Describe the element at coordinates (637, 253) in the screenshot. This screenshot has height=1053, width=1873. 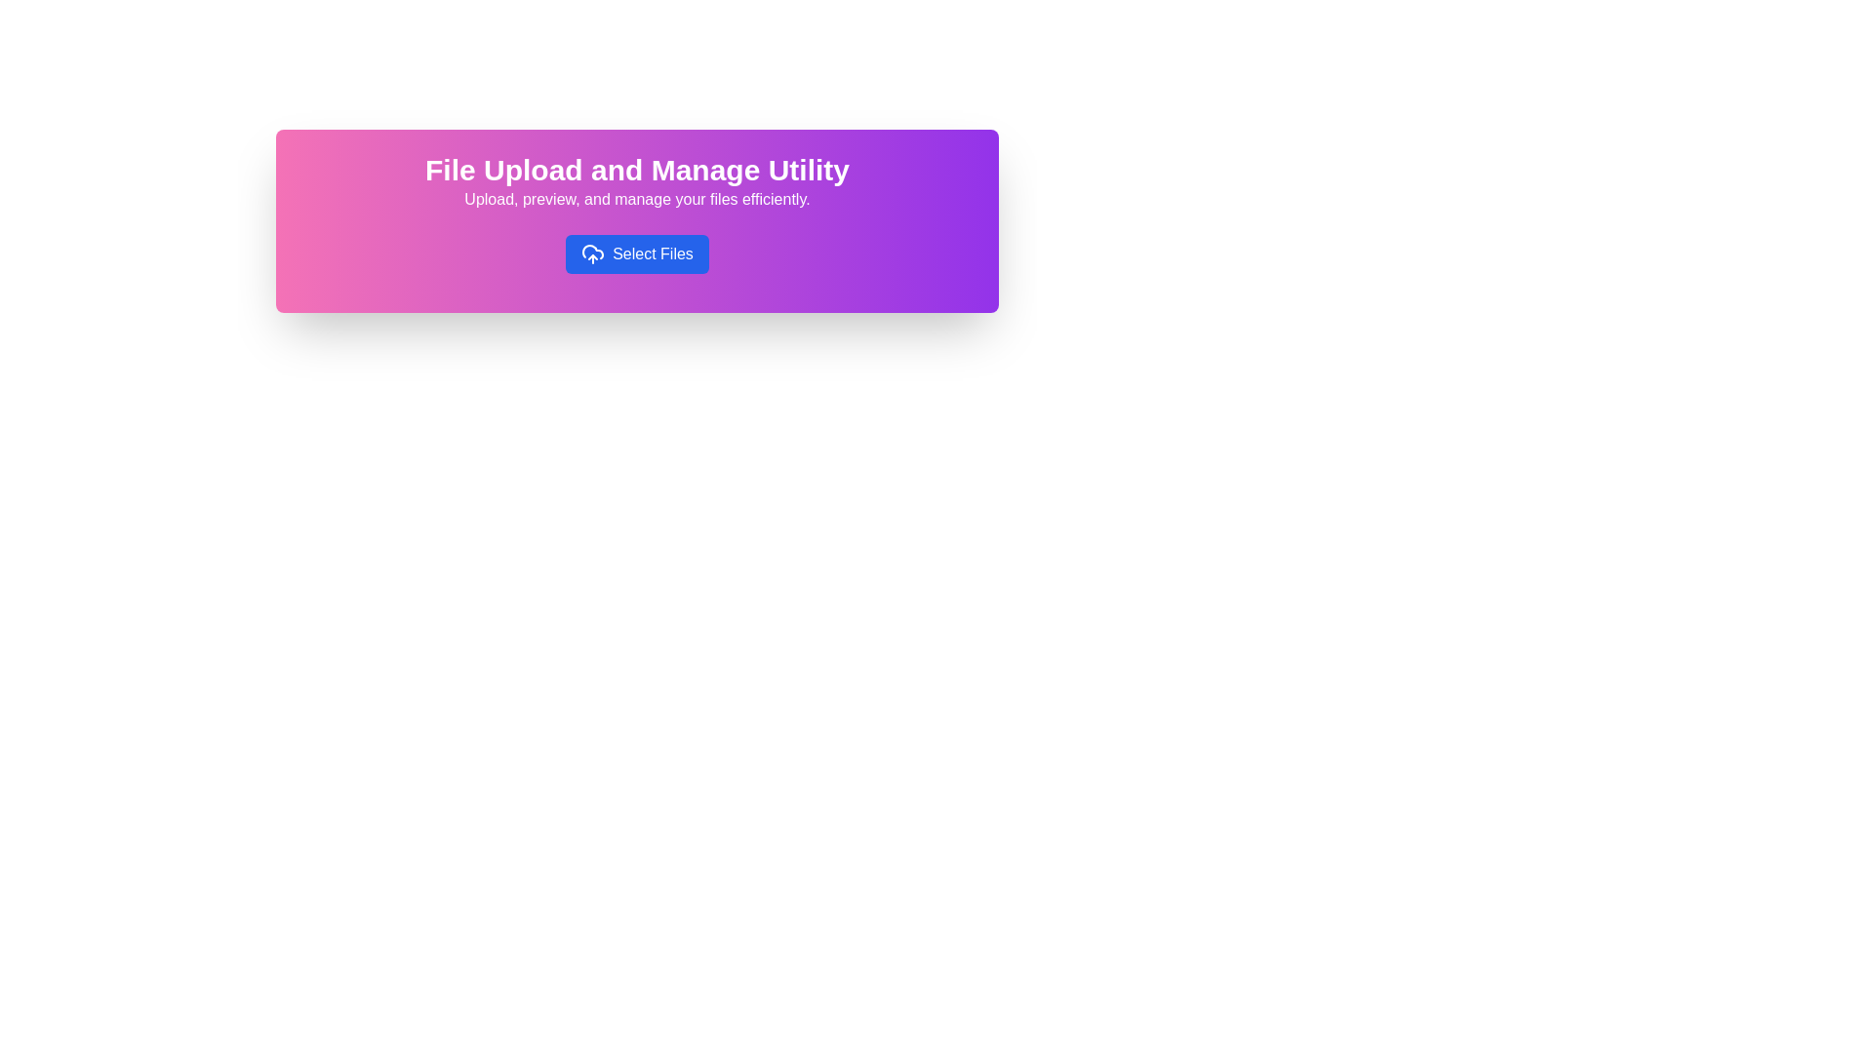
I see `the blue rectangular button labeled 'Select Files' with a cloud and arrow icon` at that location.